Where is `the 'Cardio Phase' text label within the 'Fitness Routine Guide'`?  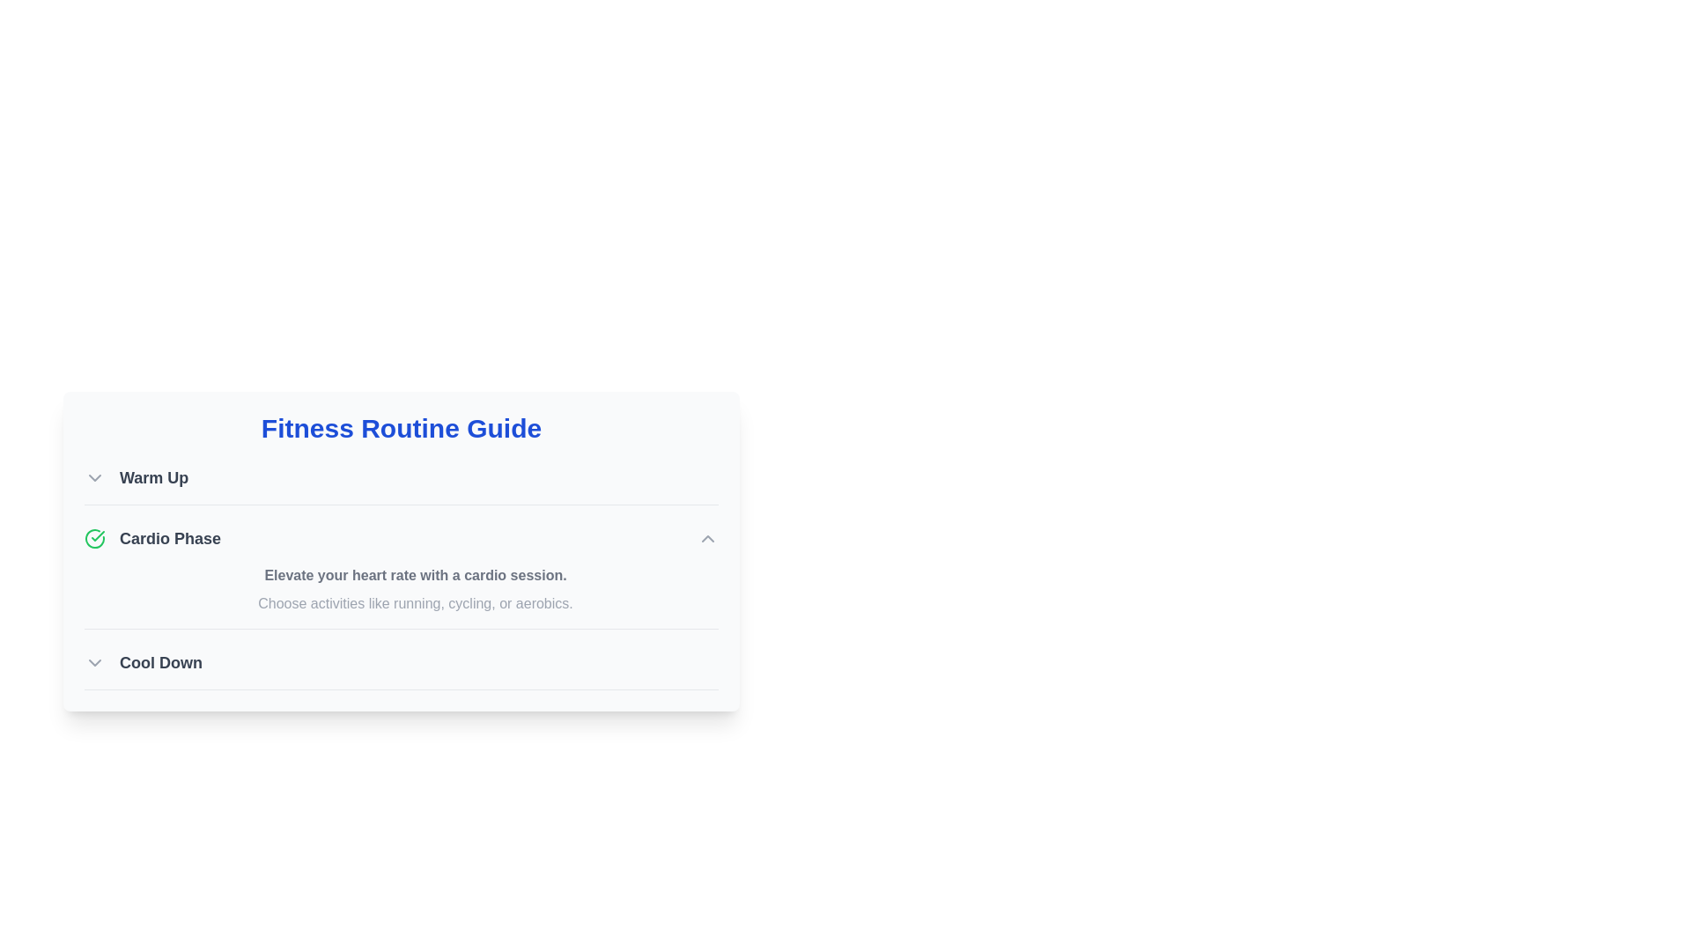
the 'Cardio Phase' text label within the 'Fitness Routine Guide' is located at coordinates (170, 538).